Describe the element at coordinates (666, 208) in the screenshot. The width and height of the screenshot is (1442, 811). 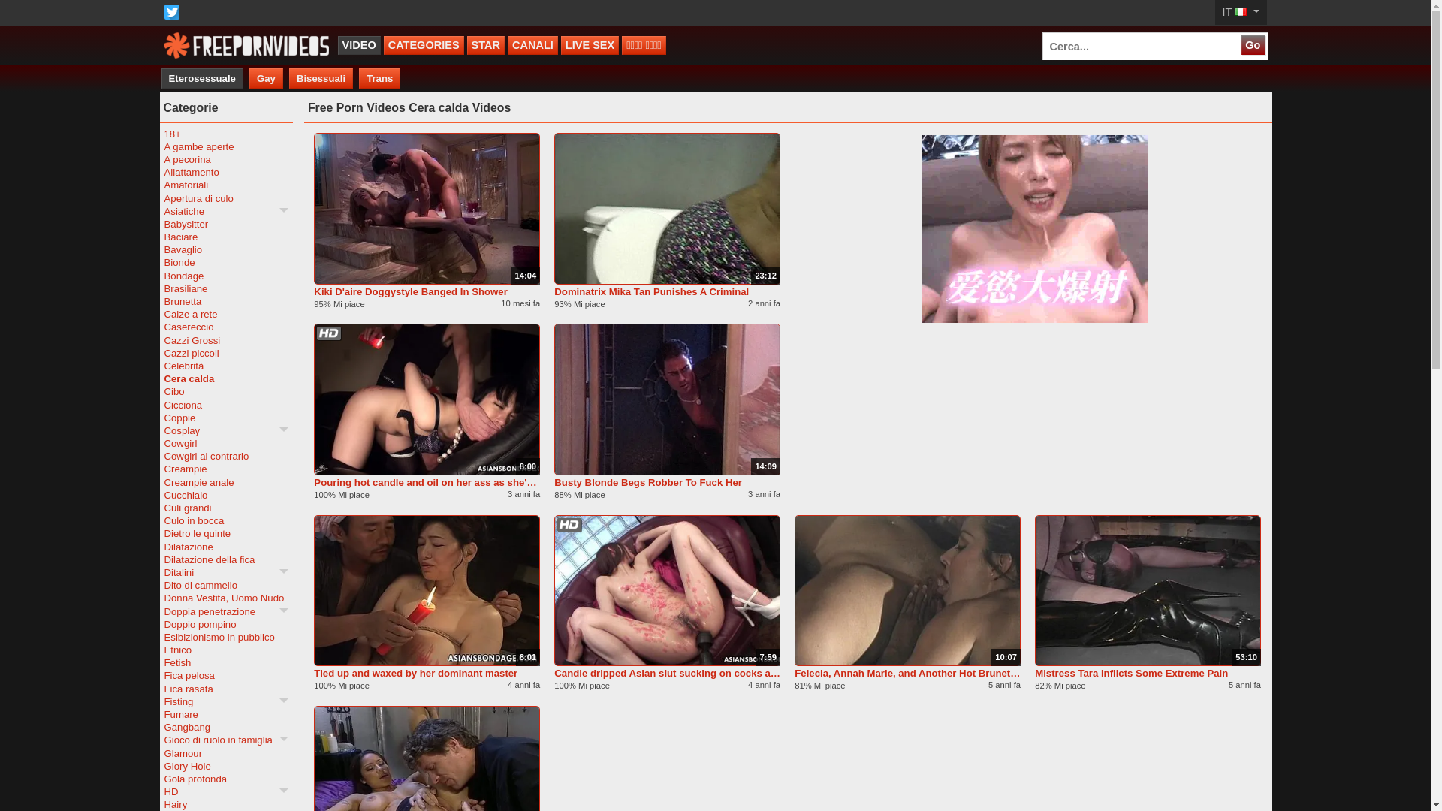
I see `'23:12'` at that location.